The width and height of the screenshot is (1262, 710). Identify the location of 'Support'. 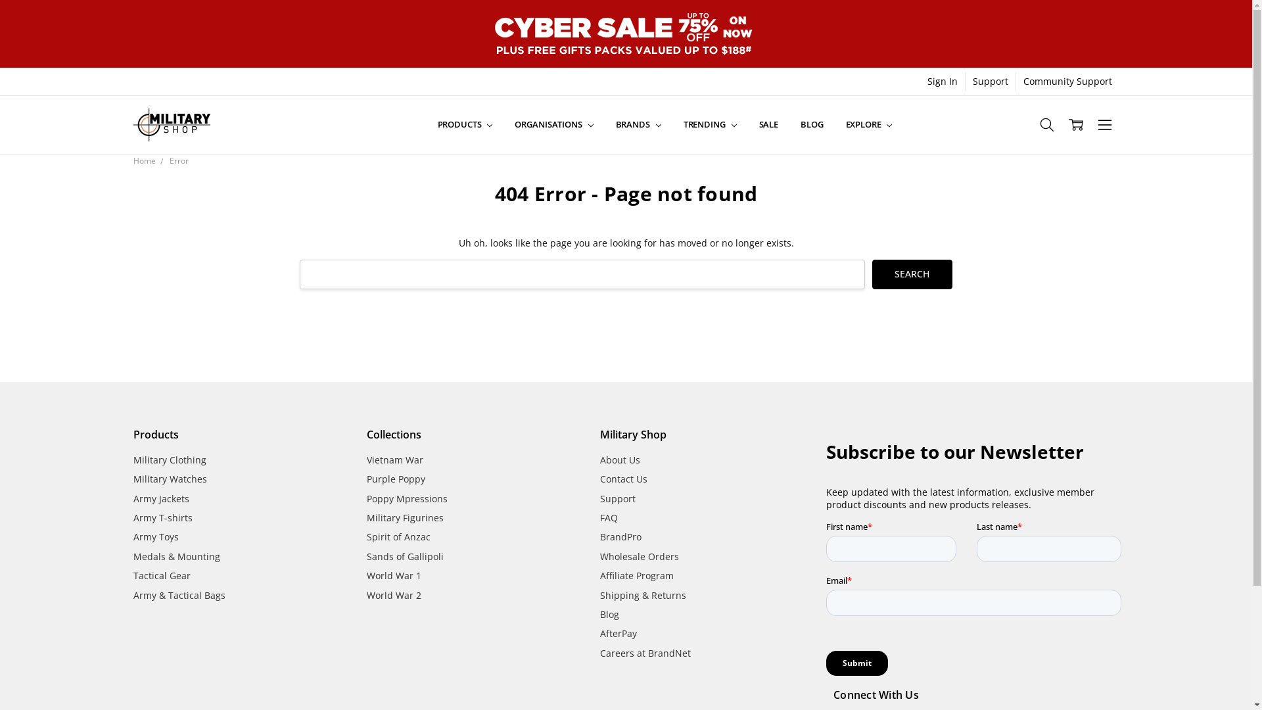
(991, 81).